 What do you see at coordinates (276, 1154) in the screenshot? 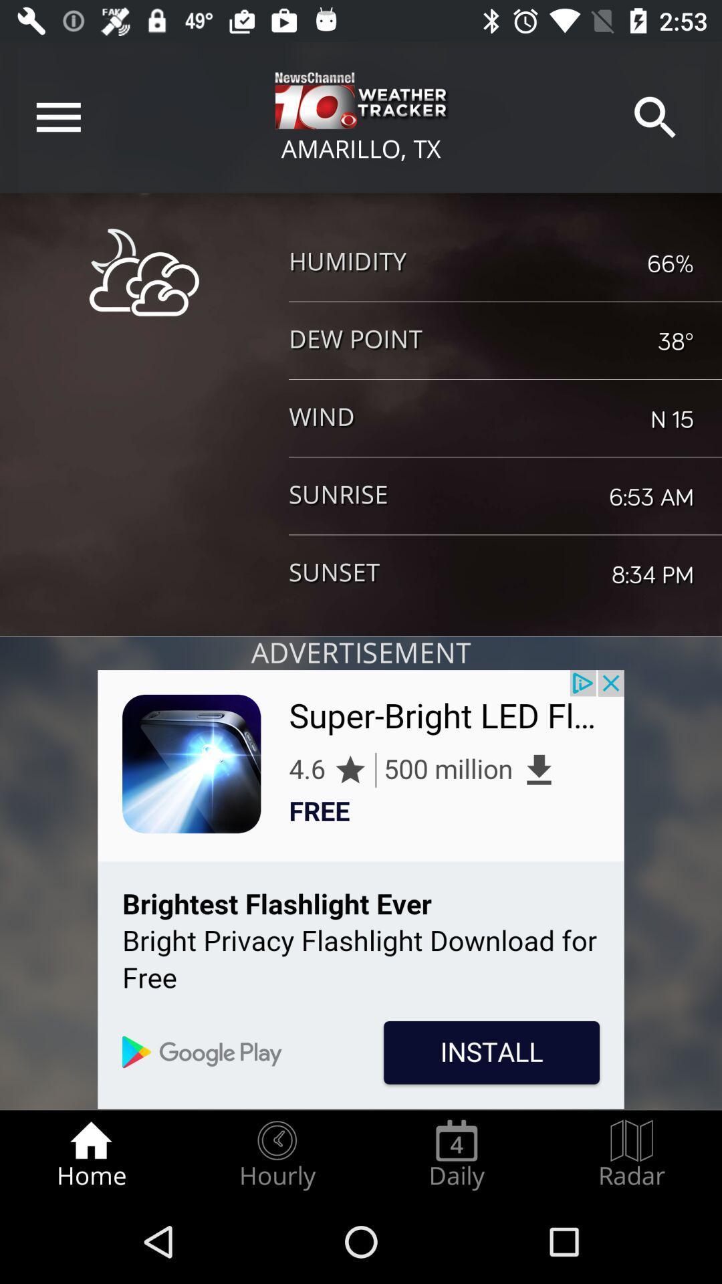
I see `radio button next to the home icon` at bounding box center [276, 1154].